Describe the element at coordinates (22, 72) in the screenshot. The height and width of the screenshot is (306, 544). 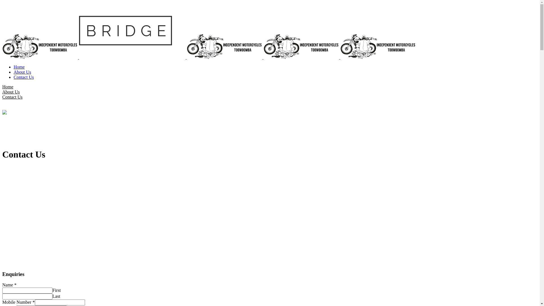
I see `'About Us'` at that location.